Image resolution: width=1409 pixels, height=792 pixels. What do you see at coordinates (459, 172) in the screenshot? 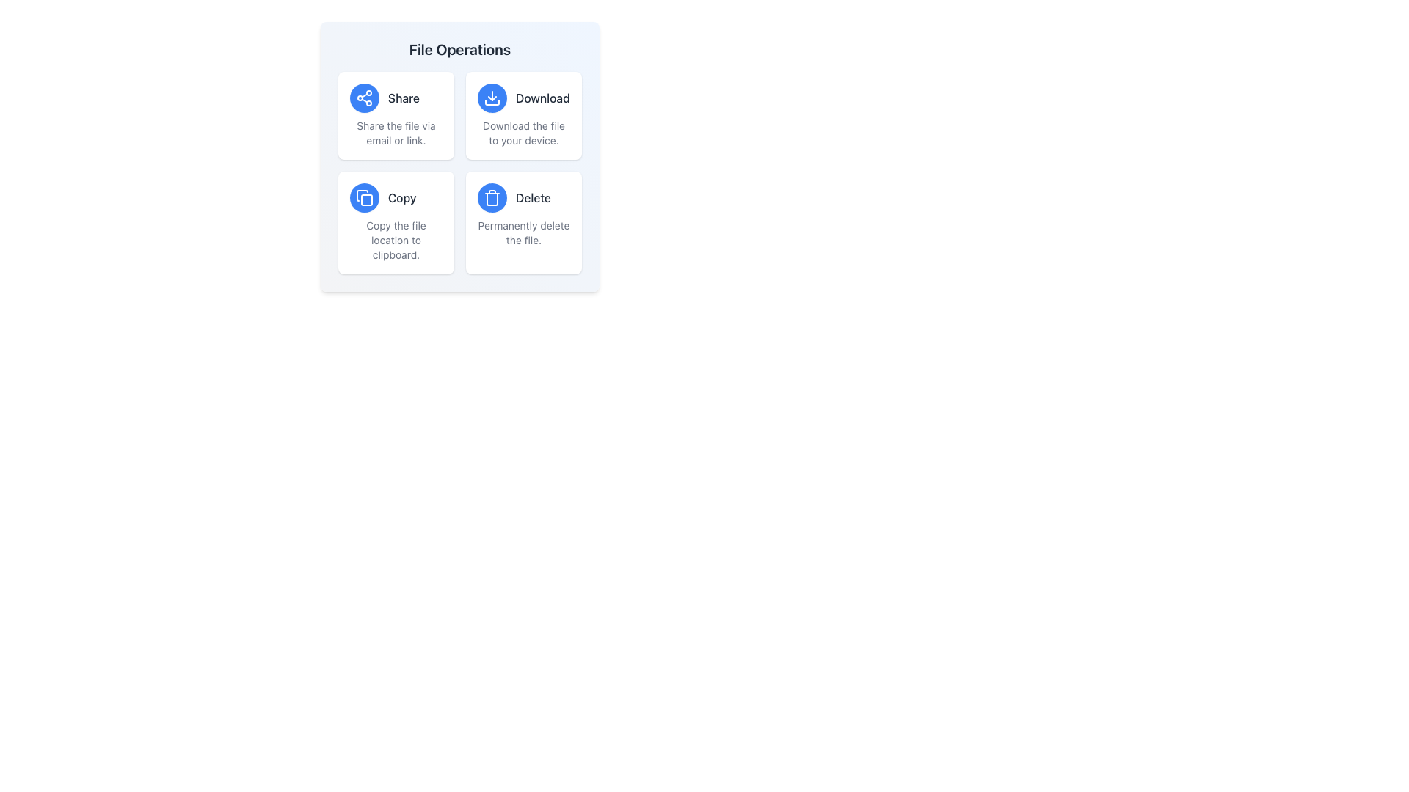
I see `the centrally located Grid of action cards` at bounding box center [459, 172].